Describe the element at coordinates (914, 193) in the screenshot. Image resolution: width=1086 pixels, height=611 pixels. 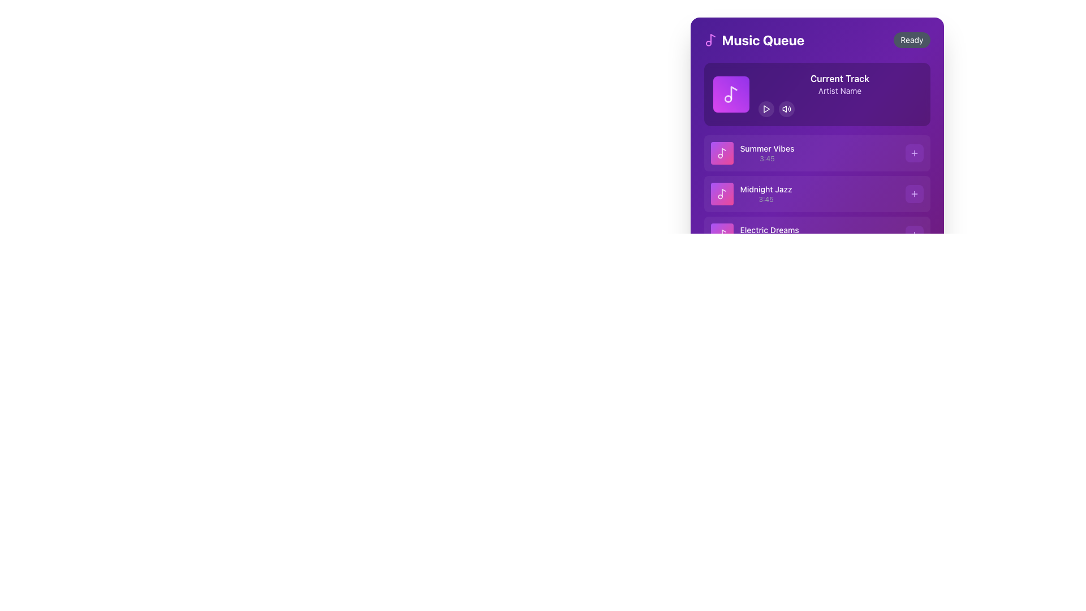
I see `the button to add the 'Midnight Jazz' song to the queue for visual feedback` at that location.